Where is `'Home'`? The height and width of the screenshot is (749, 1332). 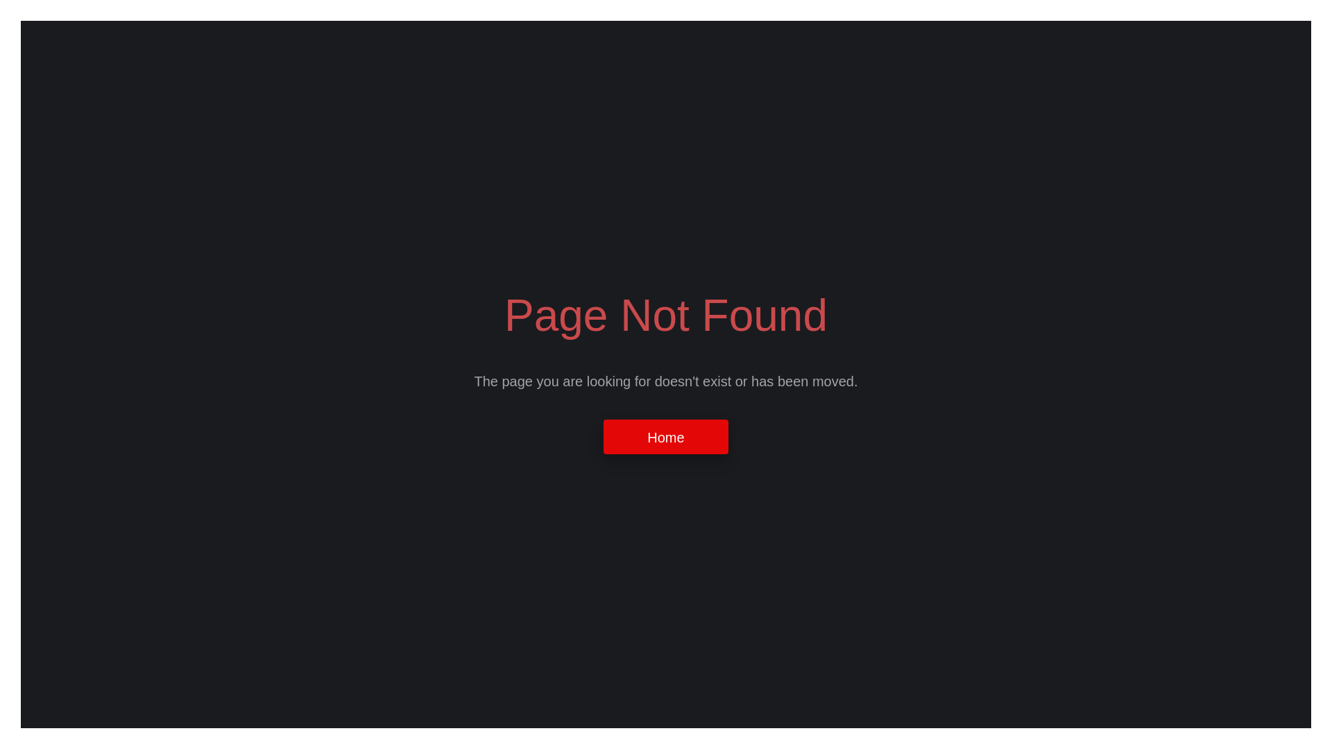 'Home' is located at coordinates (666, 436).